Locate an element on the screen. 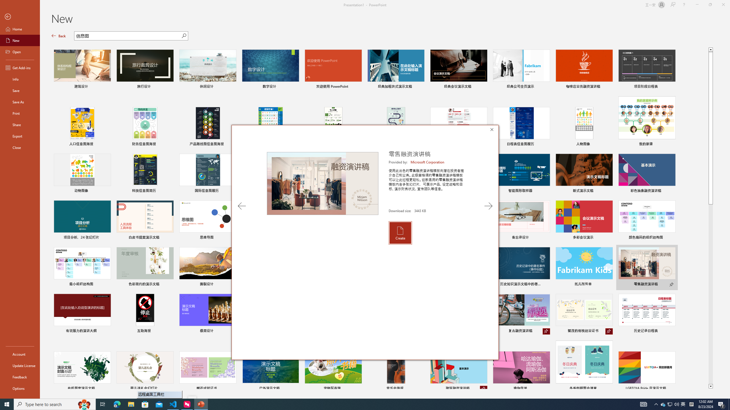 This screenshot has height=410, width=730. 'Microsoft Corporation' is located at coordinates (428, 162).